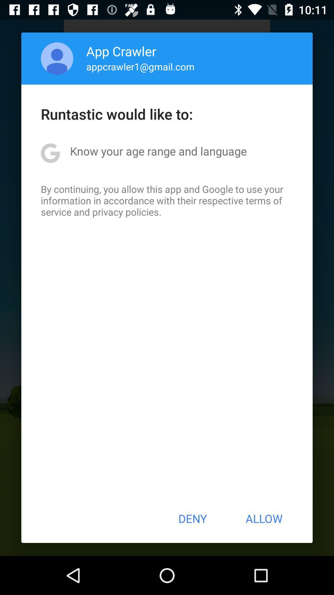 The height and width of the screenshot is (595, 334). What do you see at coordinates (158, 151) in the screenshot?
I see `icon above by continuing you icon` at bounding box center [158, 151].